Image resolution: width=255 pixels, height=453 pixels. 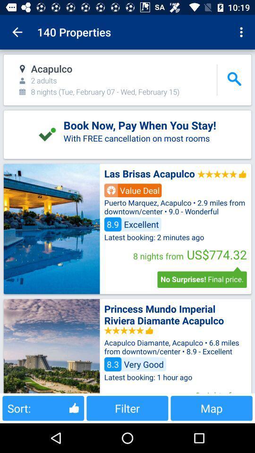 I want to click on the item to the left of map item, so click(x=127, y=408).